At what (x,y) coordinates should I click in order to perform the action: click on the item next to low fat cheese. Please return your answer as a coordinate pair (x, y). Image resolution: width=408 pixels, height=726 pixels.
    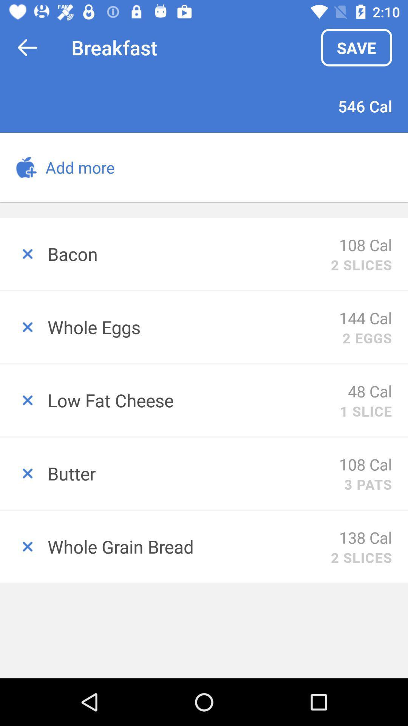
    Looking at the image, I should click on (369, 391).